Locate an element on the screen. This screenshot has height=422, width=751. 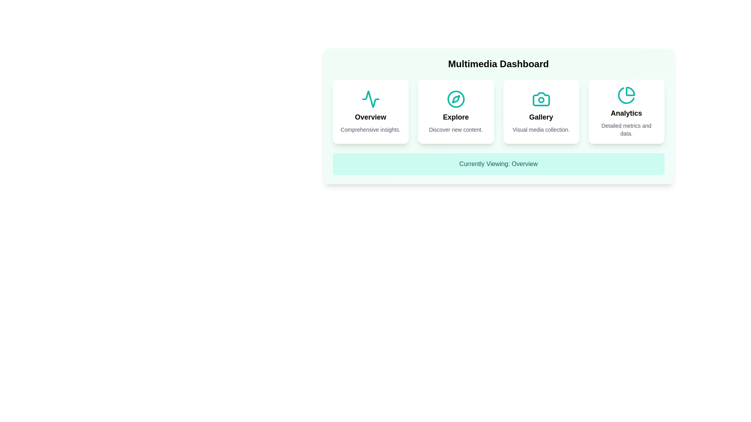
the section card labeled Analytics to preview its animation is located at coordinates (626, 111).